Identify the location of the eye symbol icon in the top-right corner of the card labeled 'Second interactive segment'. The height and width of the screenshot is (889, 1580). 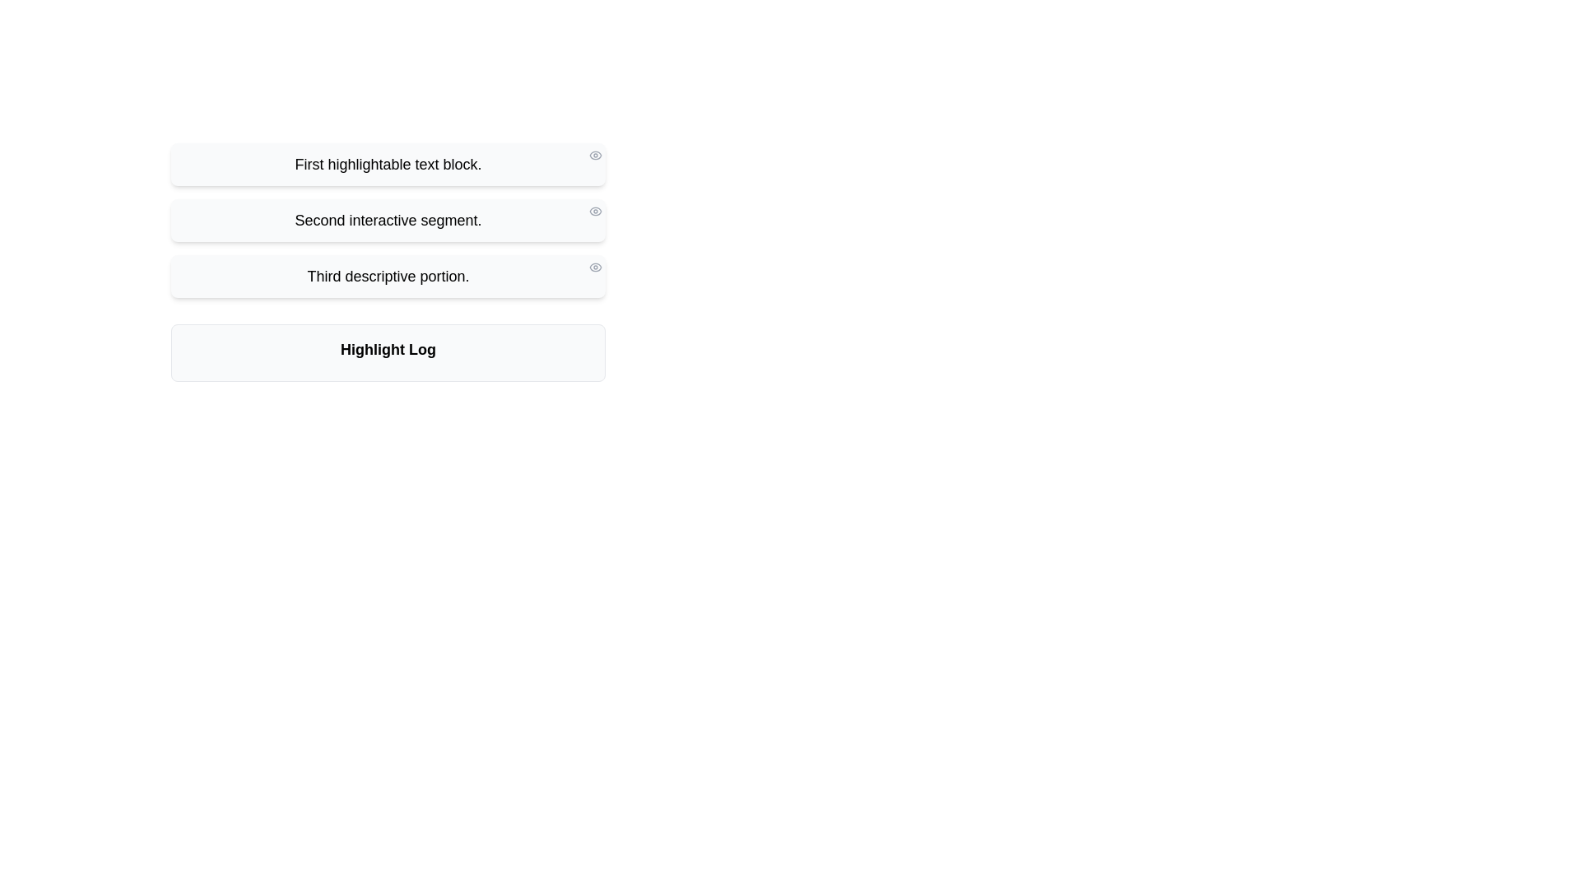
(595, 209).